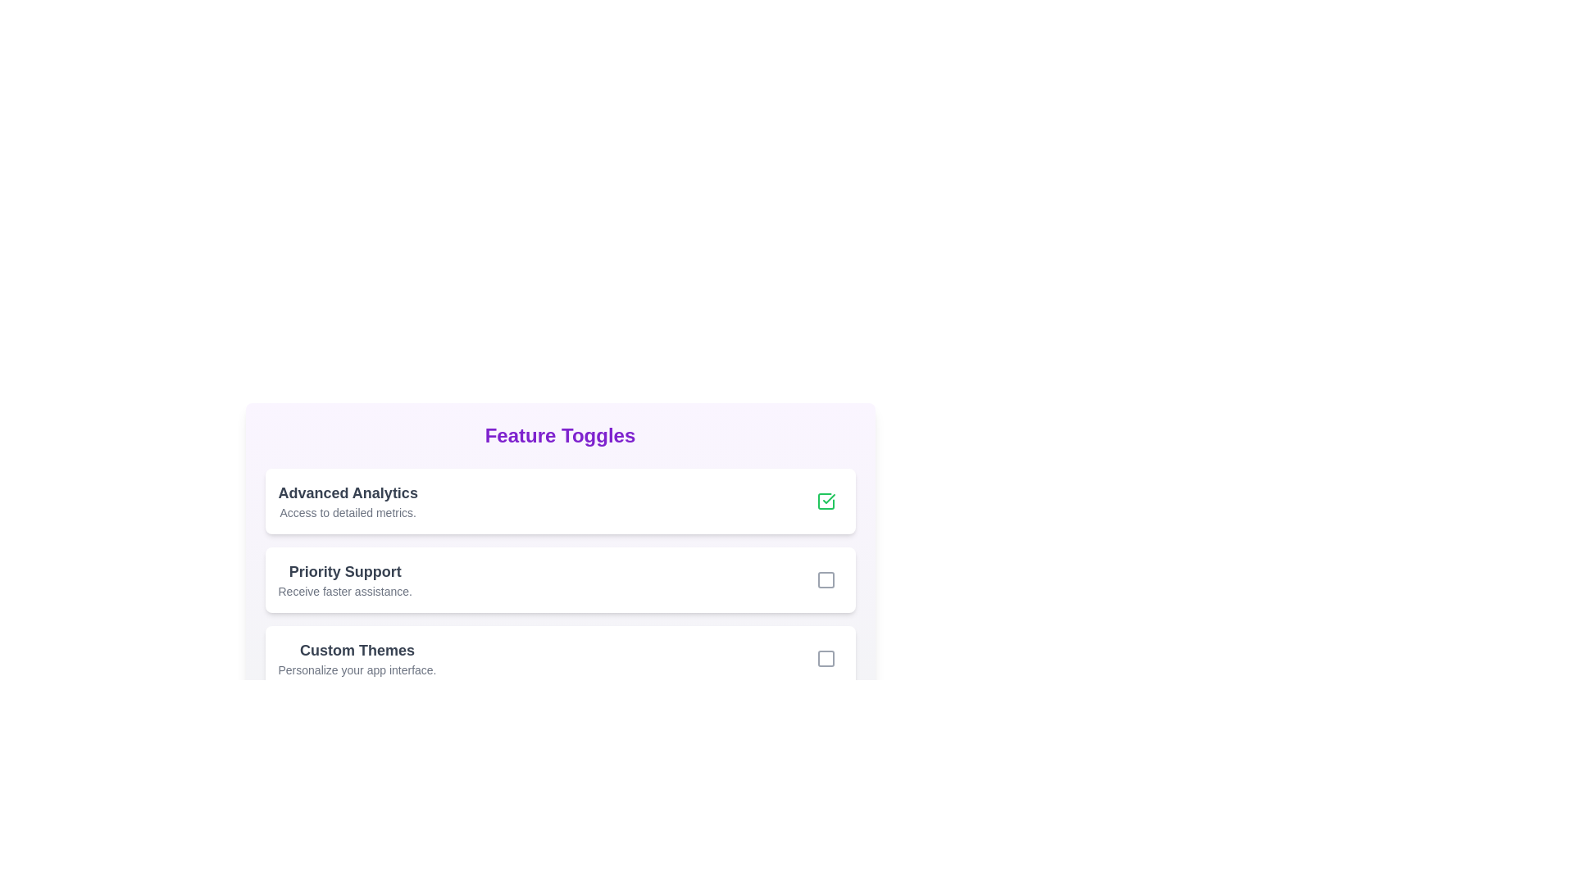 This screenshot has width=1574, height=885. What do you see at coordinates (357, 669) in the screenshot?
I see `the text element that contains 'Personalize your app interface.' located beneath the 'Custom Themes' section header` at bounding box center [357, 669].